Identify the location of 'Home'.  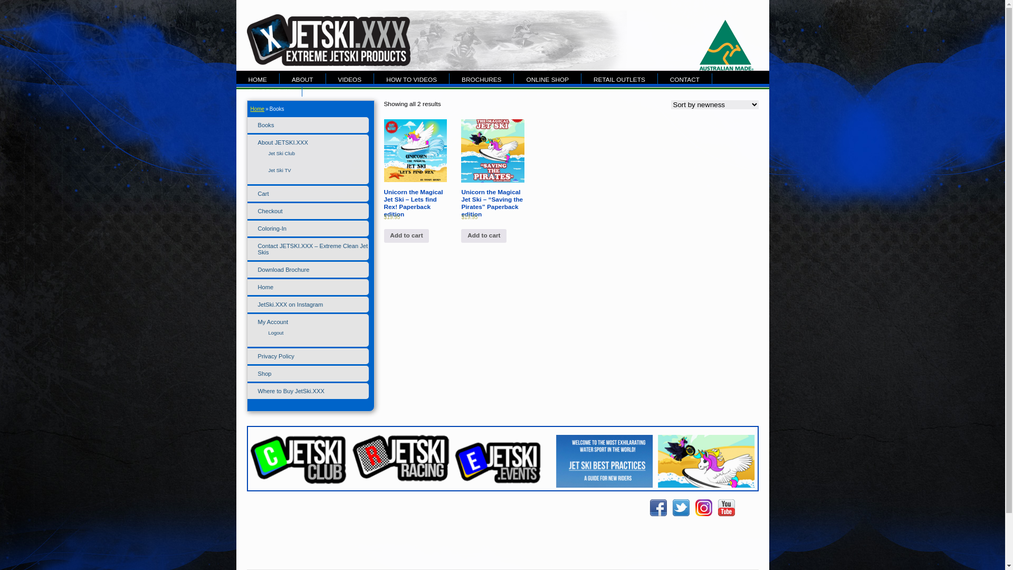
(250, 109).